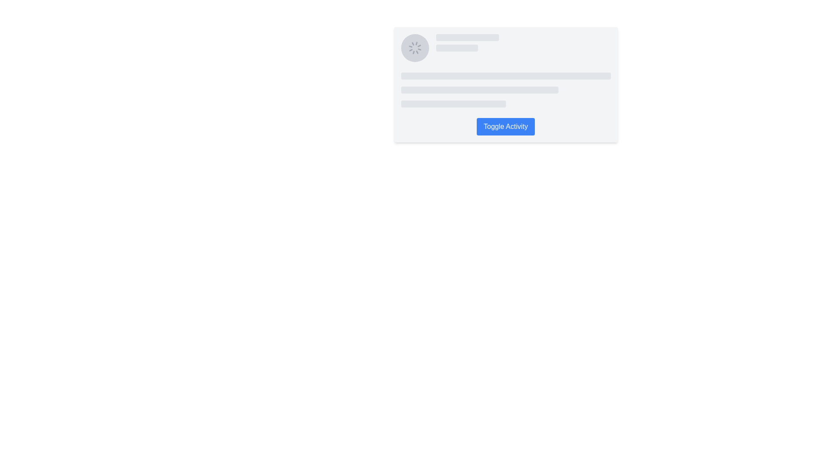  What do you see at coordinates (506, 126) in the screenshot?
I see `the rectangular button with rounded corners labeled 'Toggle Activity'` at bounding box center [506, 126].